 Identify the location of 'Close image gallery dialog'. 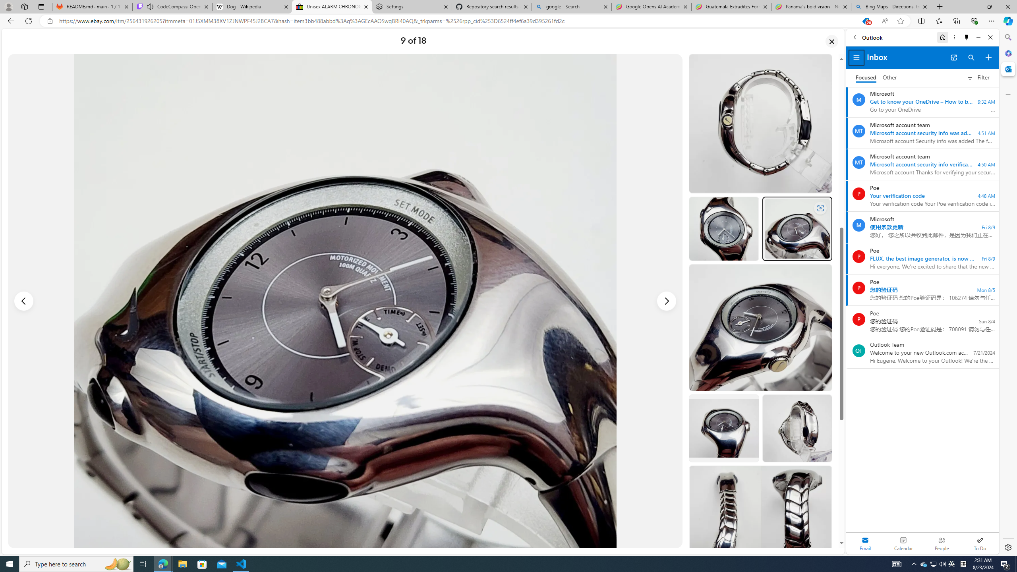
(832, 41).